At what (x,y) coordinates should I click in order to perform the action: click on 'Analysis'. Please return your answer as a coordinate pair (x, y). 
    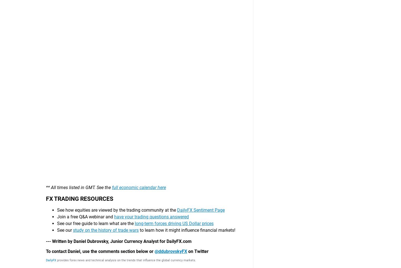
    Looking at the image, I should click on (158, 203).